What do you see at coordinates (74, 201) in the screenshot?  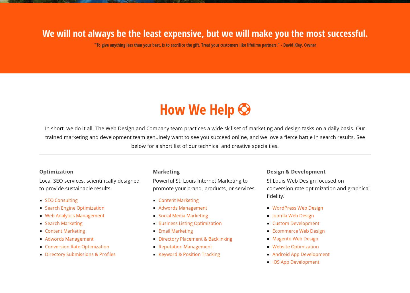 I see `'Search Engine Optimization'` at bounding box center [74, 201].